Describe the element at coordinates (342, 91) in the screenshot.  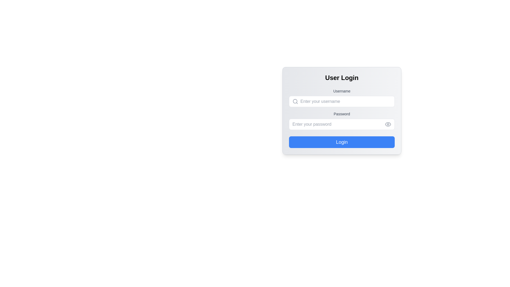
I see `'Username' text label located above the username input box in the login form interface for input guidance` at that location.